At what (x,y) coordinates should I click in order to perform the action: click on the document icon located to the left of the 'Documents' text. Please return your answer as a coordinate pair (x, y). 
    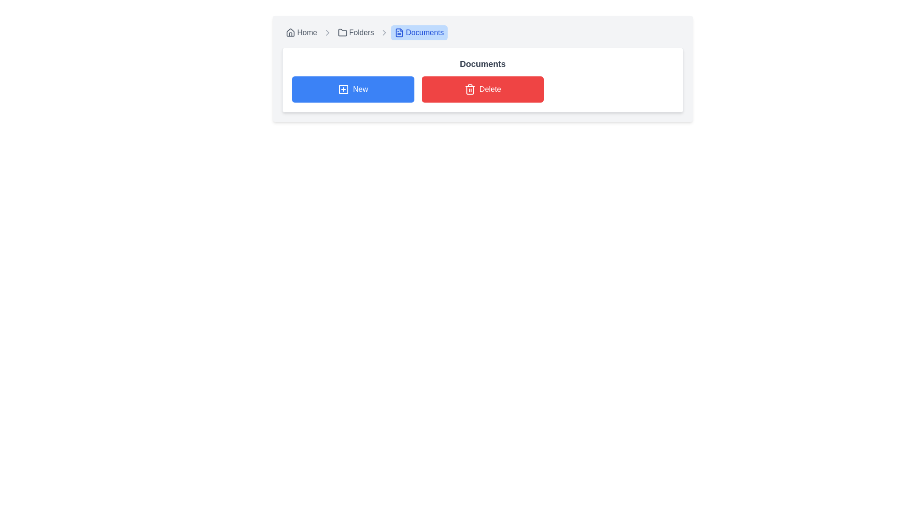
    Looking at the image, I should click on (399, 32).